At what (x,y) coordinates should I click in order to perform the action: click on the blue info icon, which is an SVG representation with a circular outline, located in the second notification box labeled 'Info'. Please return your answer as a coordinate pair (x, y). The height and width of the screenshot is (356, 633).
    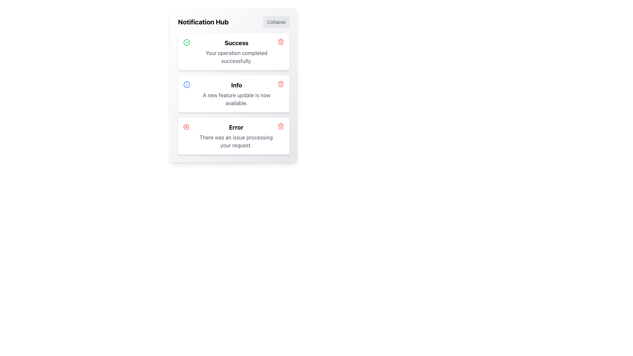
    Looking at the image, I should click on (186, 84).